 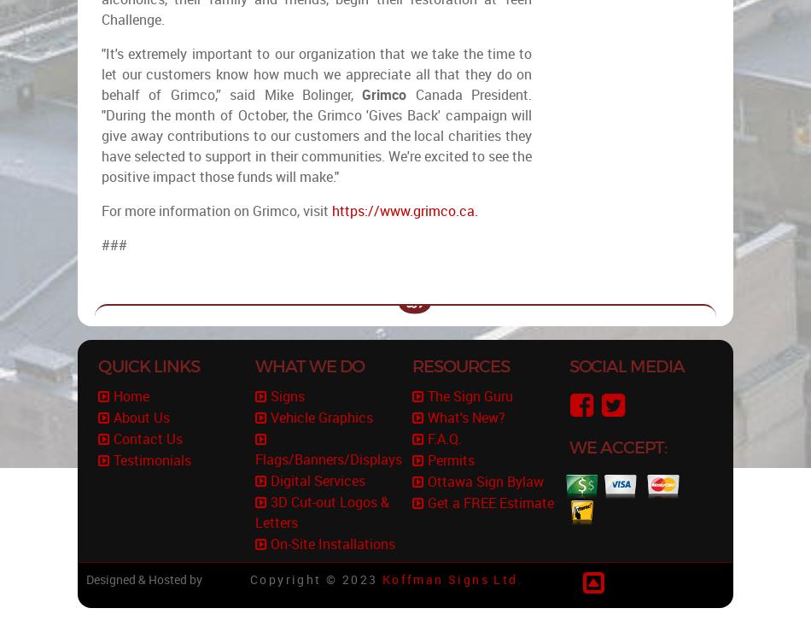 What do you see at coordinates (428, 396) in the screenshot?
I see `'The Sign Guru'` at bounding box center [428, 396].